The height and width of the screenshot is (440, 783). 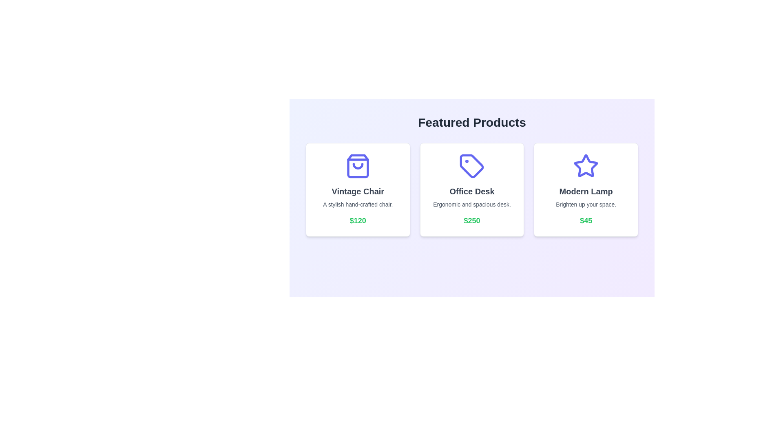 What do you see at coordinates (358, 191) in the screenshot?
I see `text label 'Vintage Chair' which is styled in bold and large font, positioned below a shopping bag icon and above a description paragraph in the product listing section` at bounding box center [358, 191].